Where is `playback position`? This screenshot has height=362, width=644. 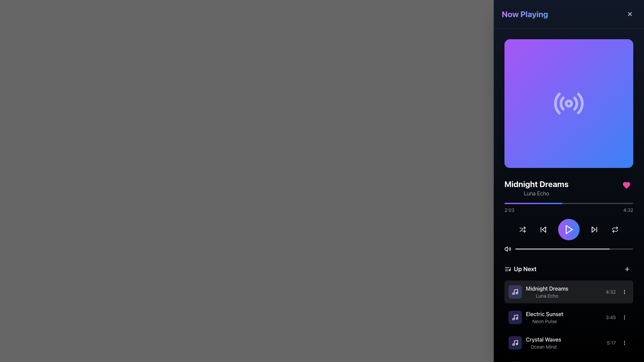
playback position is located at coordinates (515, 249).